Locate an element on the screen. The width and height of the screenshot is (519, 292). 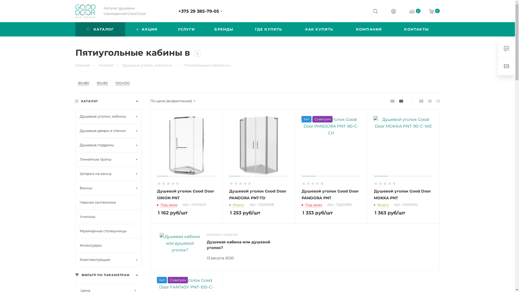
'80x80' is located at coordinates (83, 83).